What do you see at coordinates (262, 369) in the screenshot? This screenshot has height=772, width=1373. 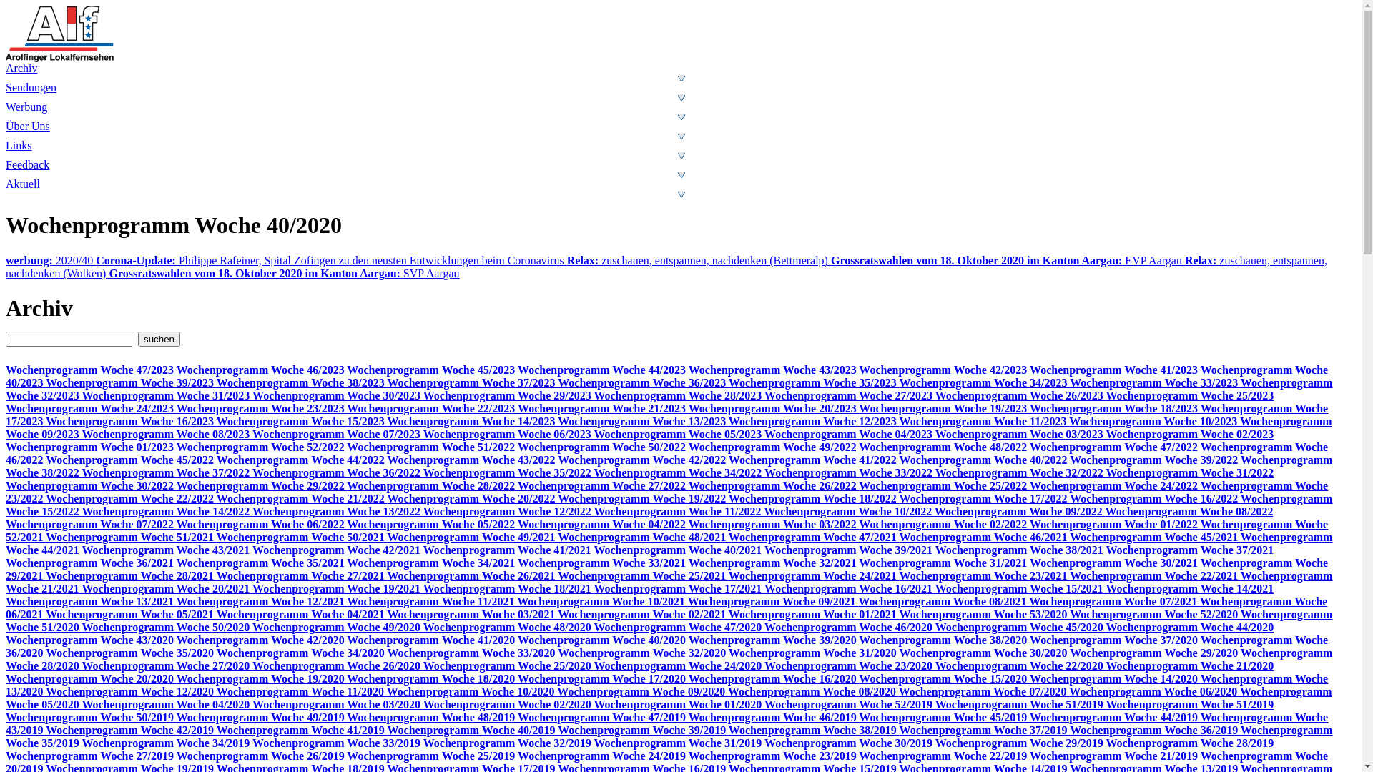 I see `'Wochenprogramm Woche 46/2023'` at bounding box center [262, 369].